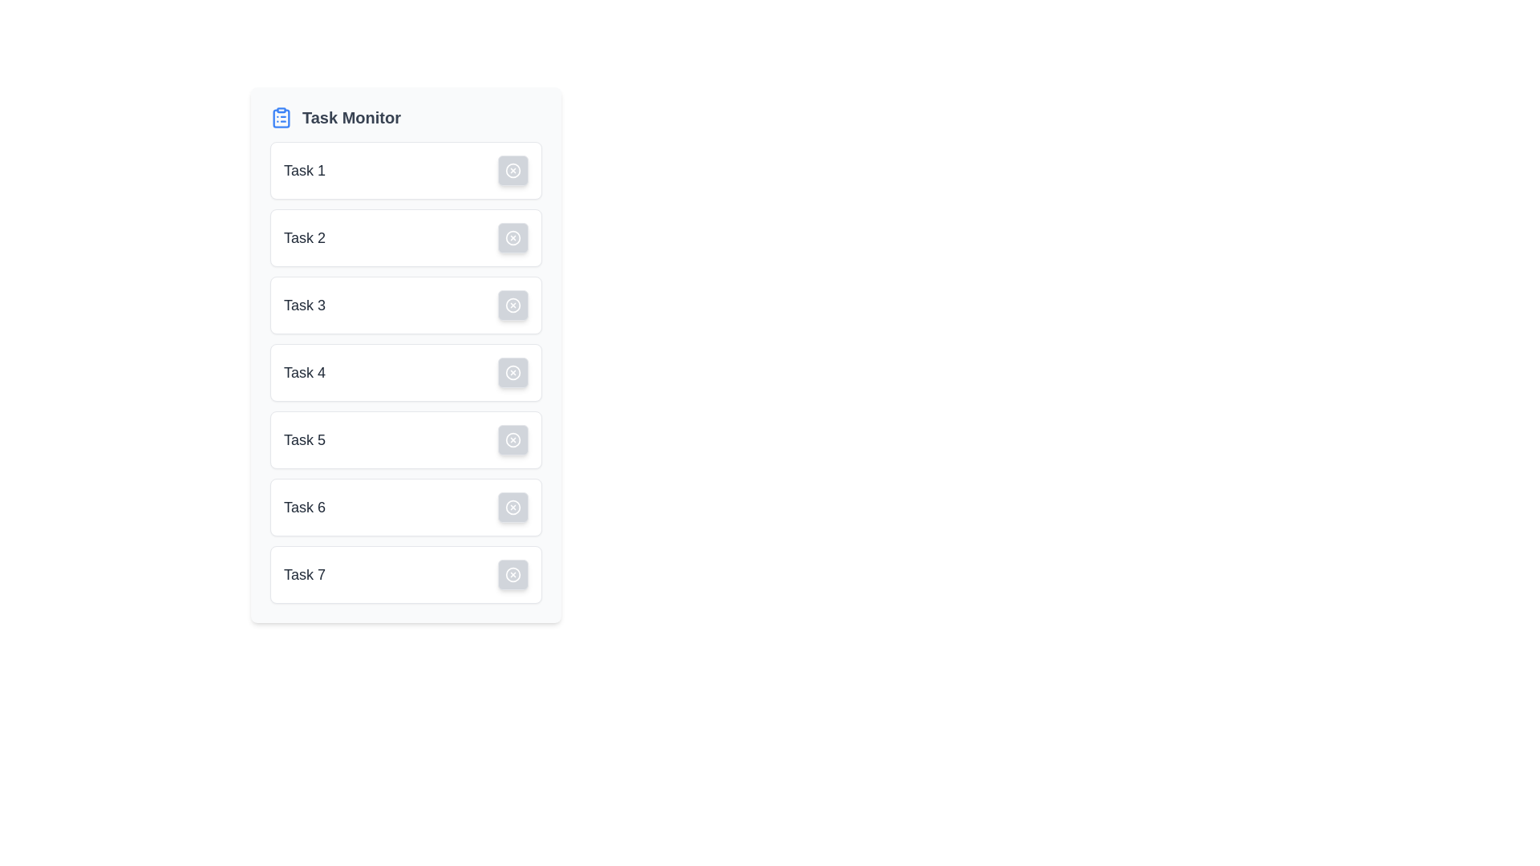  I want to click on the small, rounded button with a gray background and a white 'X' icon located to the far-right of the 'Task 6' label in the sixth row of the vertical list, so click(512, 507).